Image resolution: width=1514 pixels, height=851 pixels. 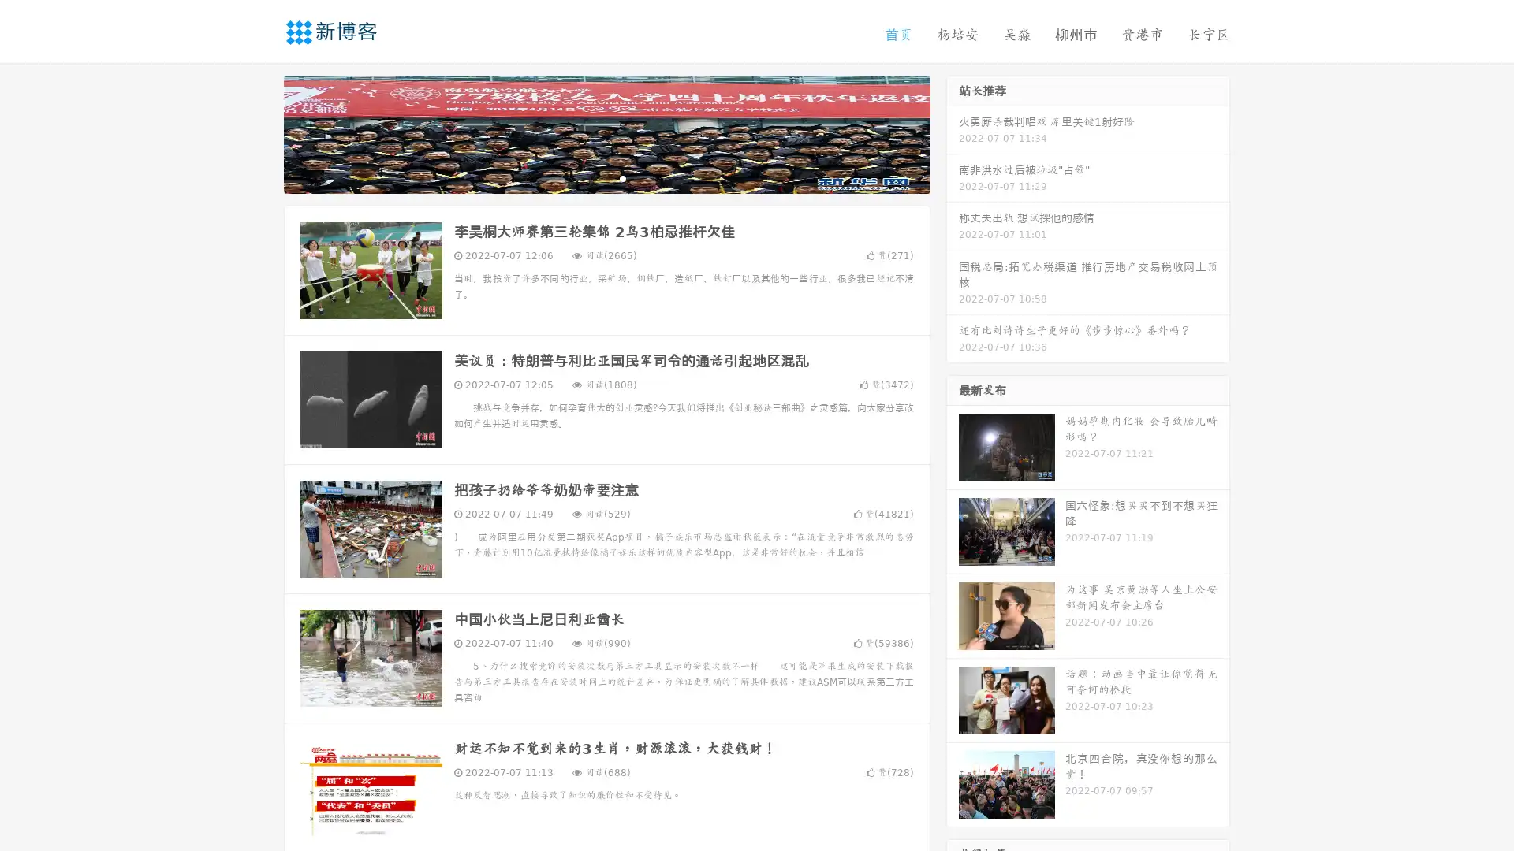 I want to click on Go to slide 2, so click(x=606, y=177).